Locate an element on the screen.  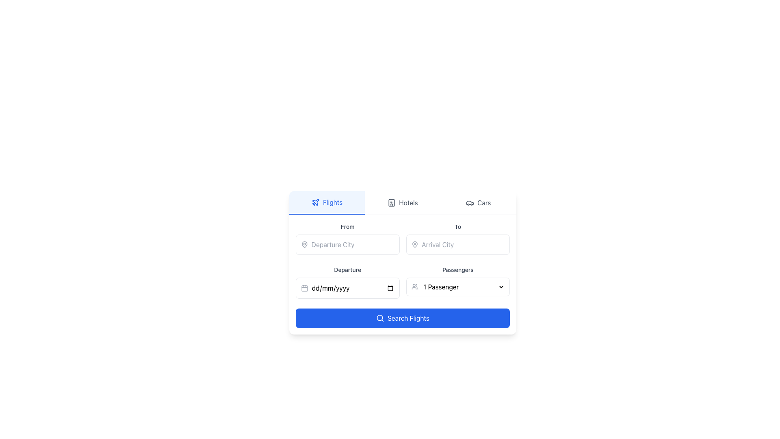
the icon indicating the purpose of the adjacent text input field for selecting a departure city, which is located to the left of the 'Departure City' text input field is located at coordinates (304, 244).